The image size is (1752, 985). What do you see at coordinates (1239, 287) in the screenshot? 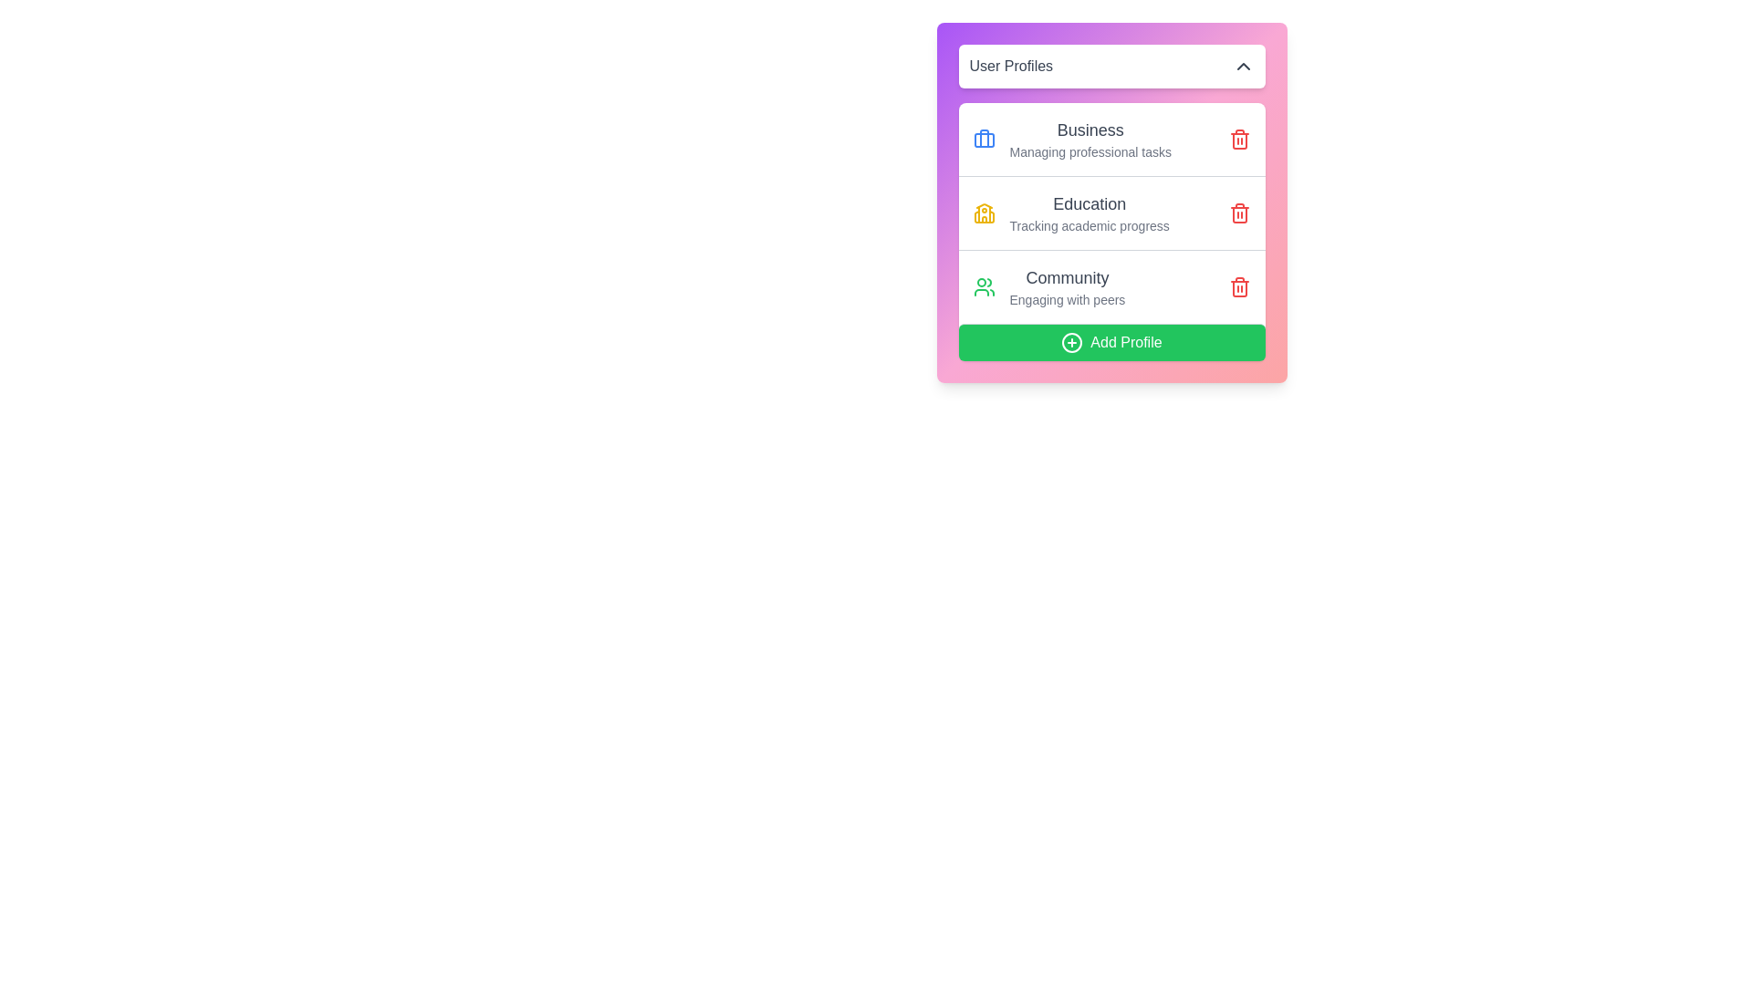
I see `the red trash icon button located at the far right of the 'Community' section` at bounding box center [1239, 287].